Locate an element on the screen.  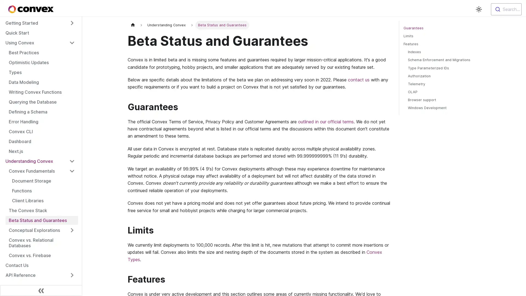
Toggle the collapsible sidebar category 'Conceptual Explorations' is located at coordinates (72, 230).